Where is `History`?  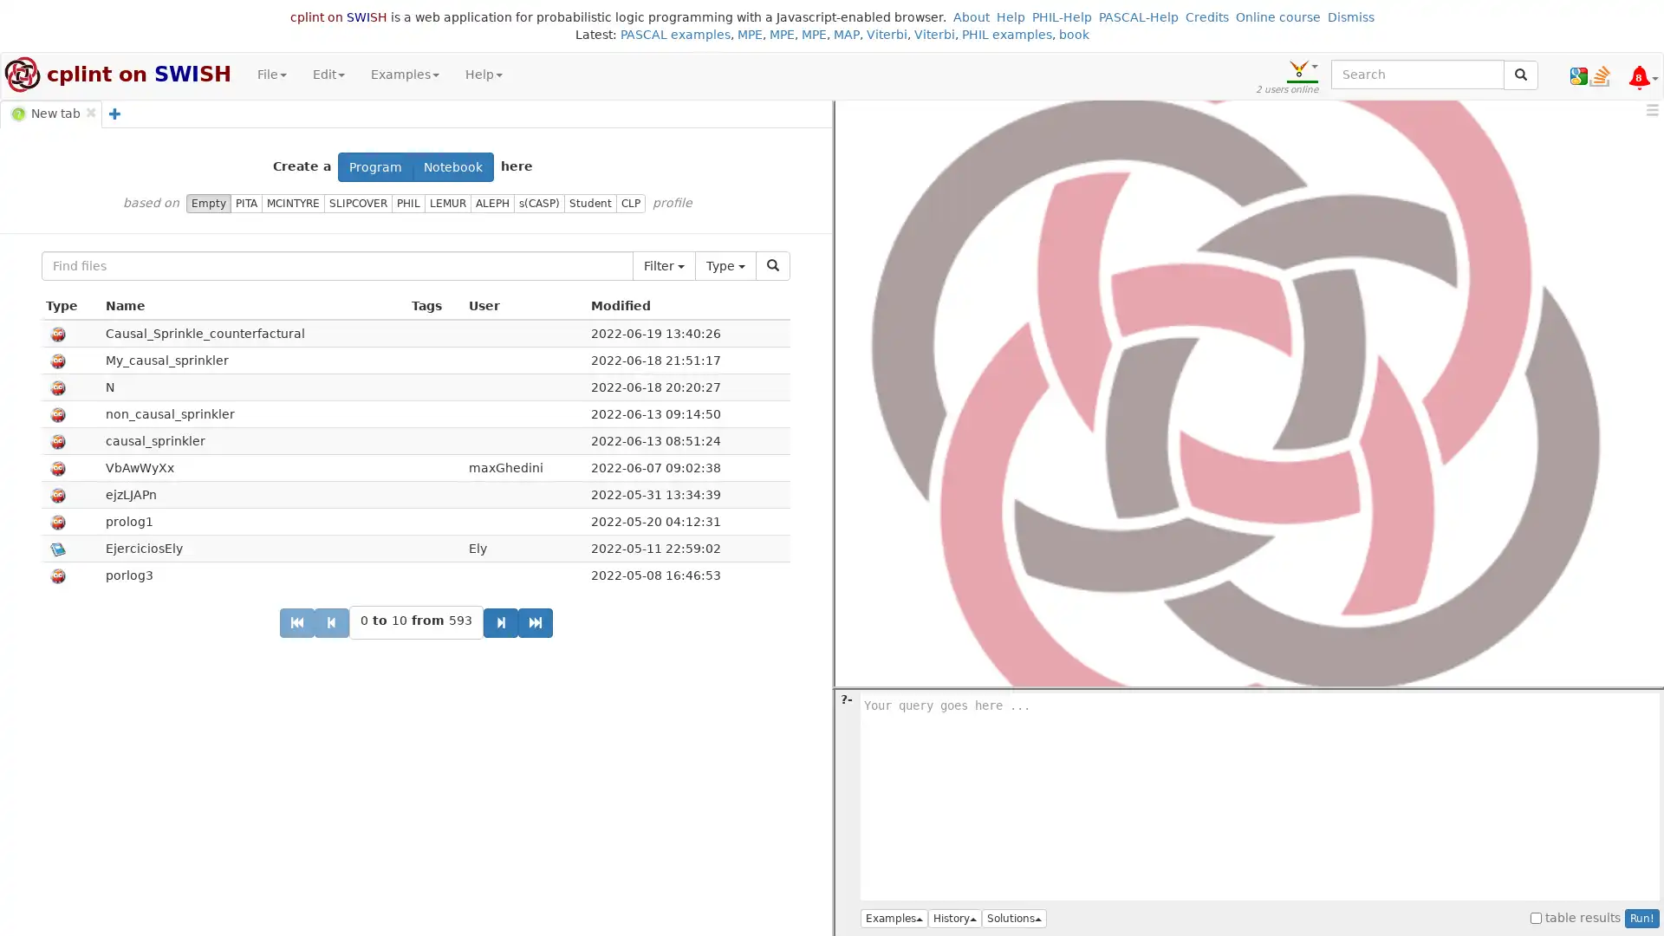 History is located at coordinates (954, 918).